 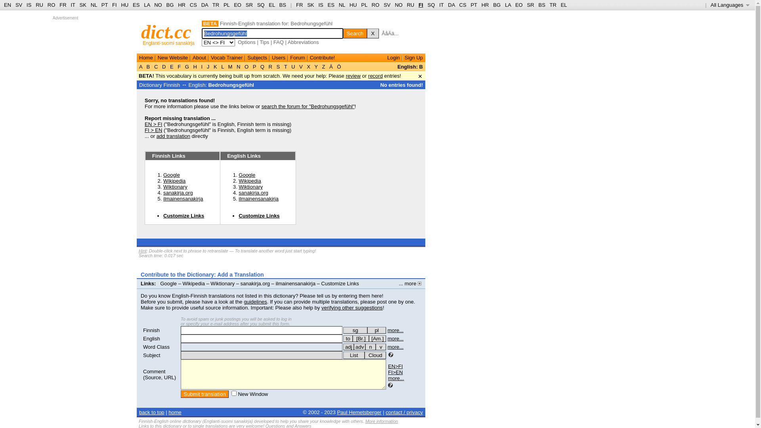 What do you see at coordinates (246, 42) in the screenshot?
I see `'Options'` at bounding box center [246, 42].